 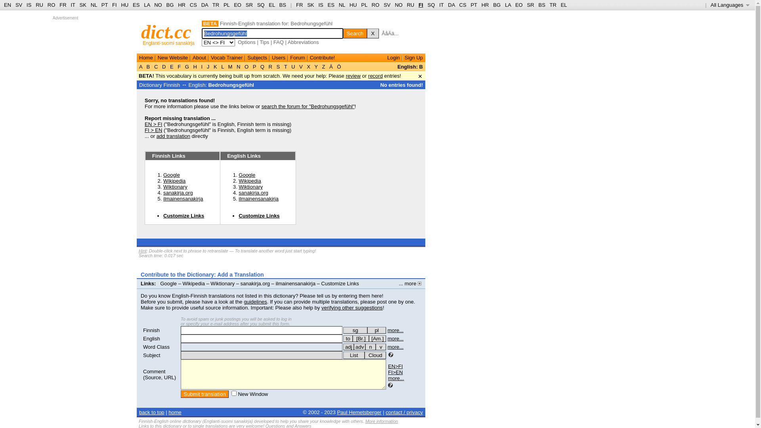 What do you see at coordinates (246, 42) in the screenshot?
I see `'Options'` at bounding box center [246, 42].